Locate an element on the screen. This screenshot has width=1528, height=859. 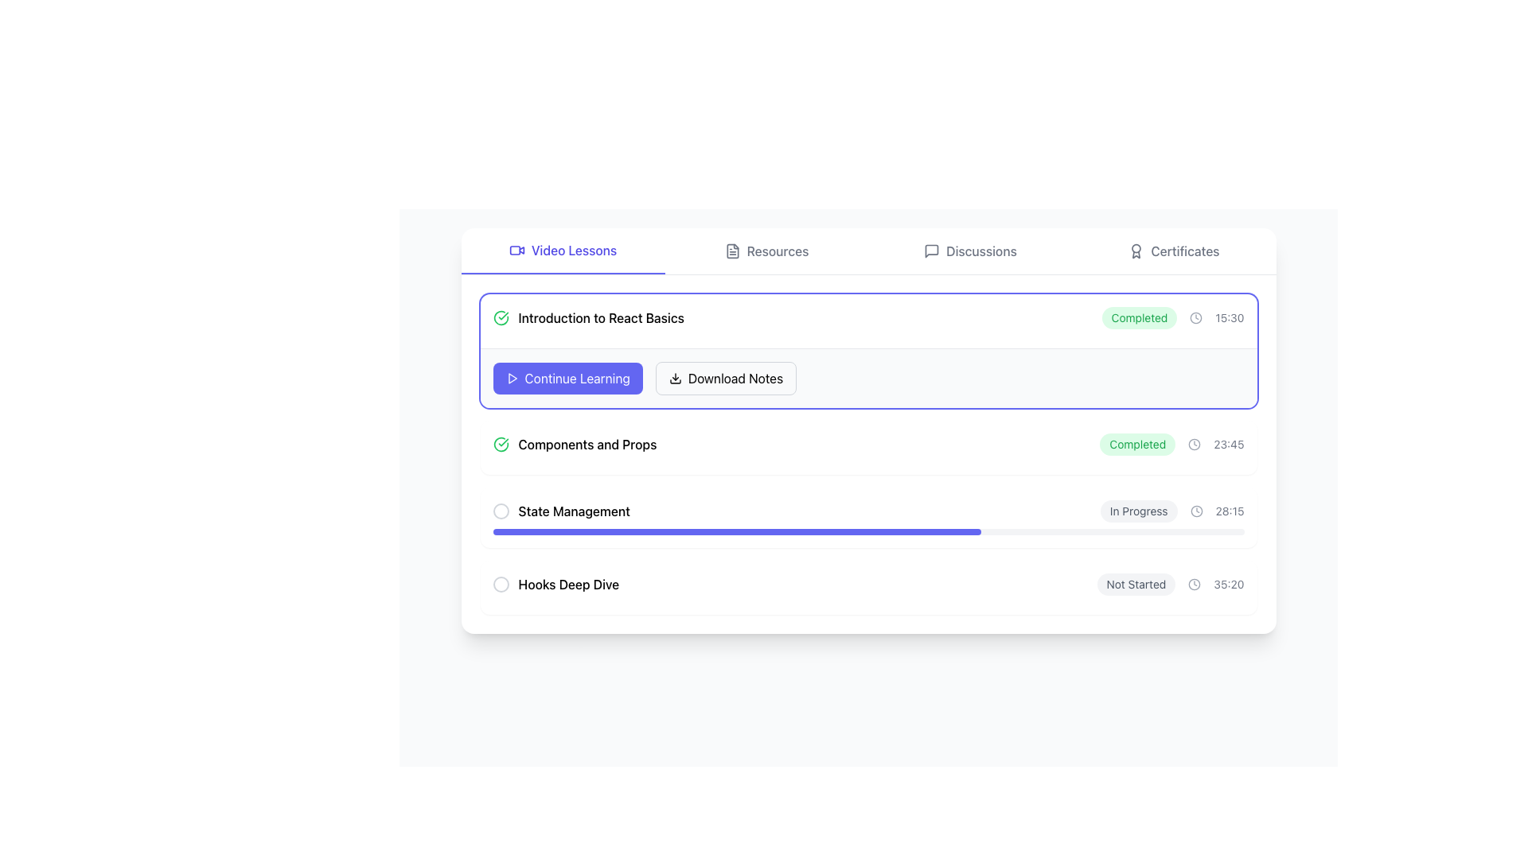
the inner rectangle of the video camera icon located in the top navigation bar is located at coordinates (515, 251).